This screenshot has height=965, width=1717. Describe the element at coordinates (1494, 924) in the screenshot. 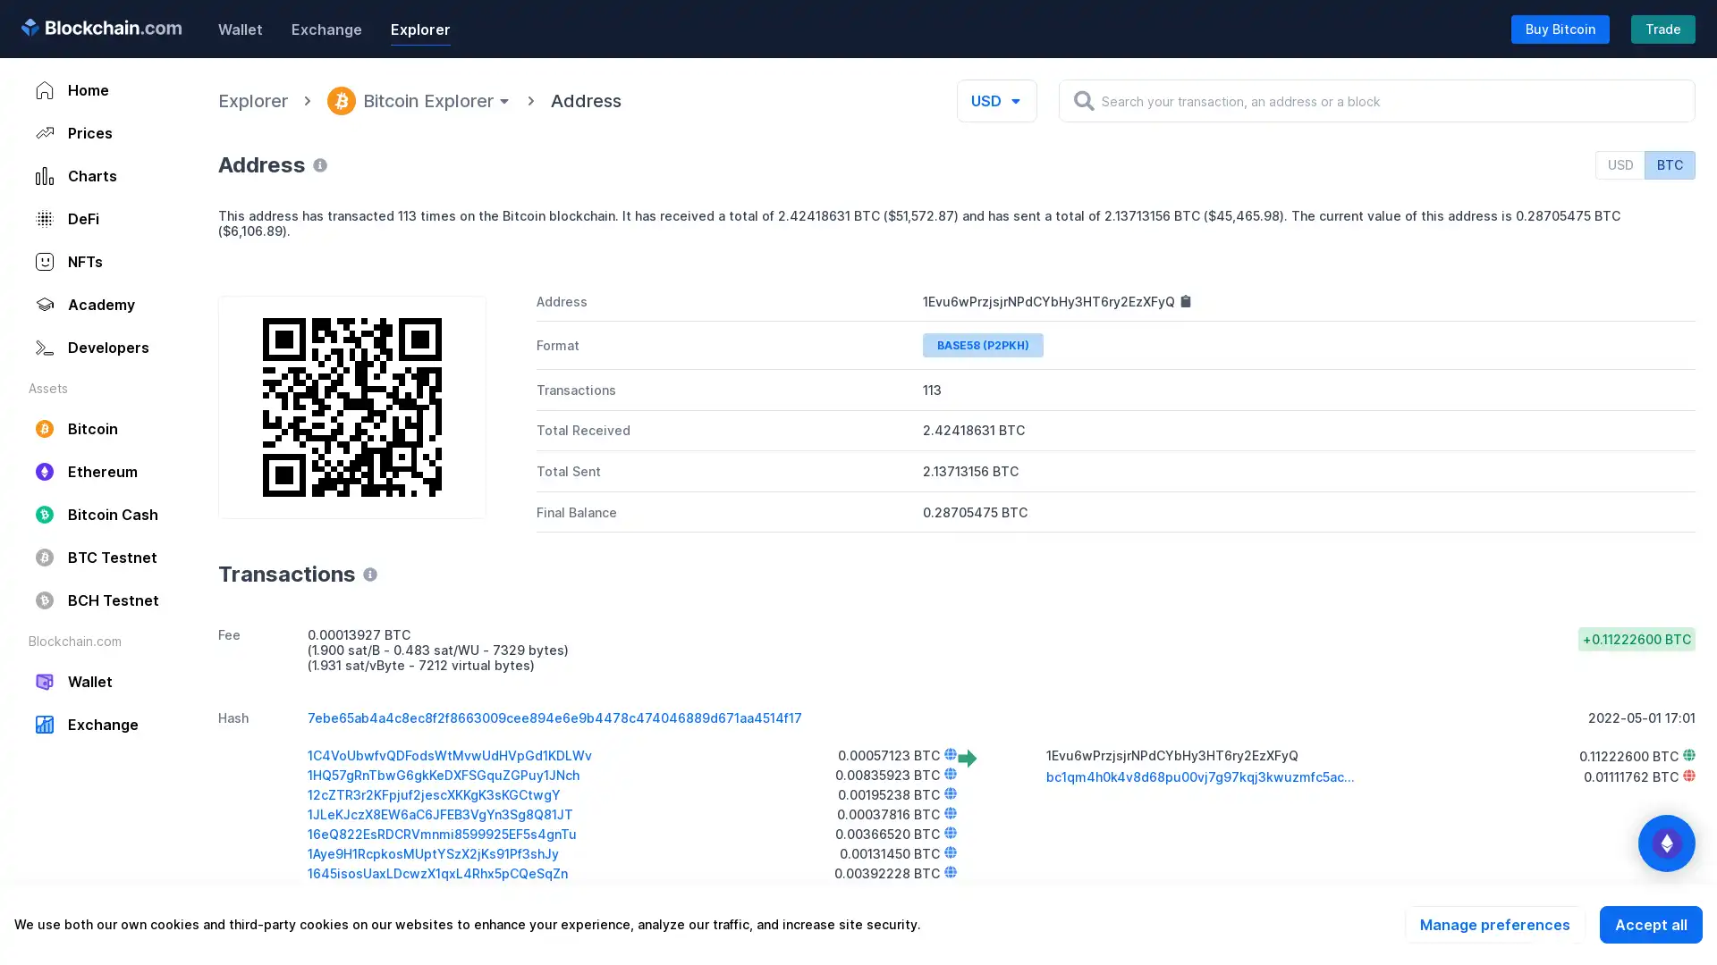

I see `Manage preferences` at that location.